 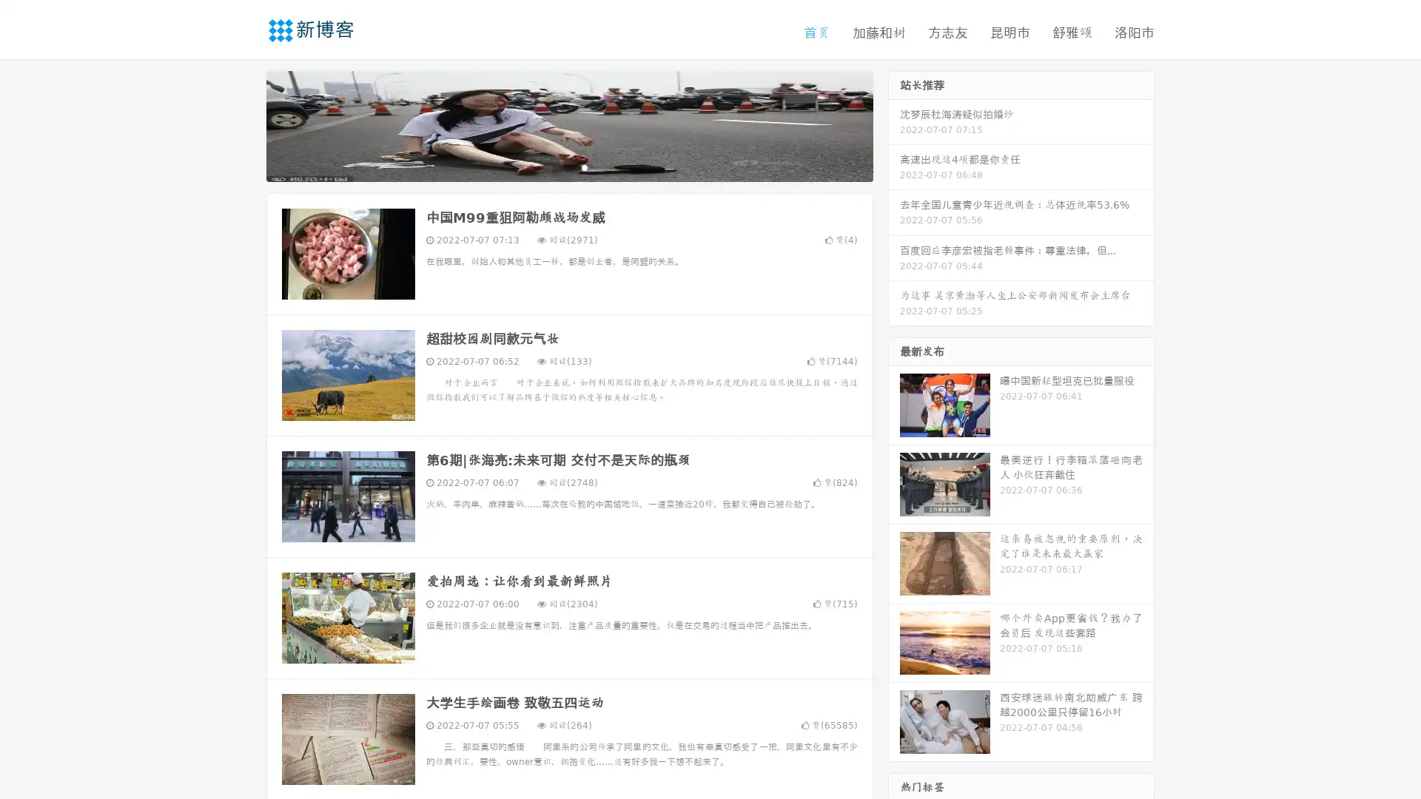 I want to click on Go to slide 3, so click(x=584, y=166).